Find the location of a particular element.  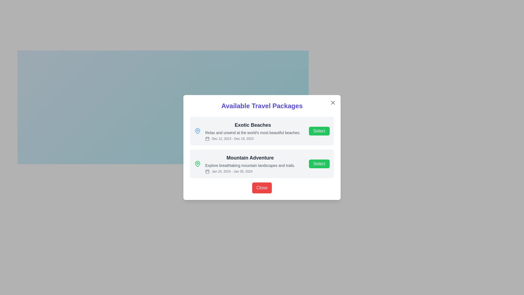

the pin-shaped icon with a blue border located at the top-left corner of the 'Exotic Beaches' card to see more information is located at coordinates (197, 131).